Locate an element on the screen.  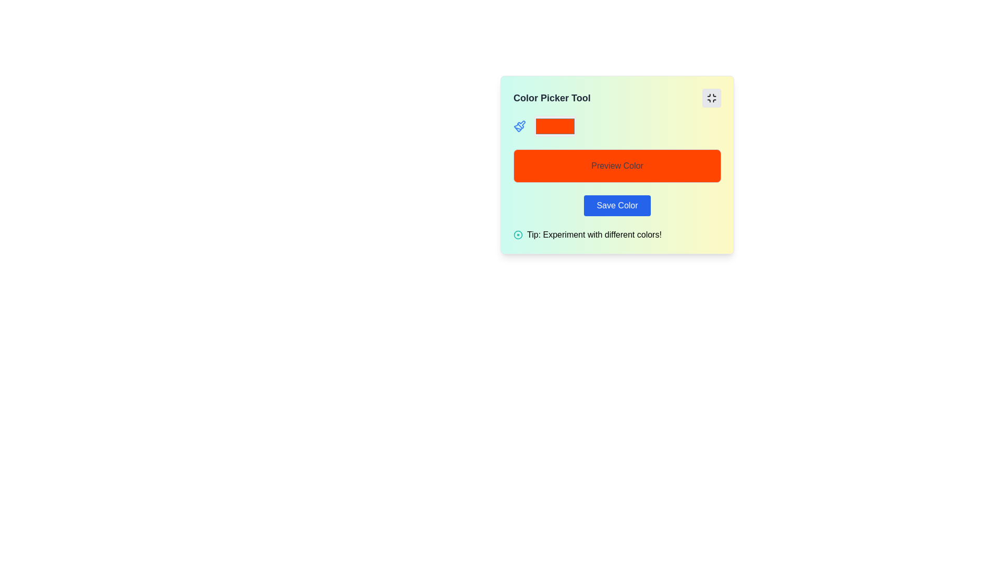
the Informational Text with Icon located at the bottom of the panel, centered horizontally under the 'Save Color' button is located at coordinates (587, 235).